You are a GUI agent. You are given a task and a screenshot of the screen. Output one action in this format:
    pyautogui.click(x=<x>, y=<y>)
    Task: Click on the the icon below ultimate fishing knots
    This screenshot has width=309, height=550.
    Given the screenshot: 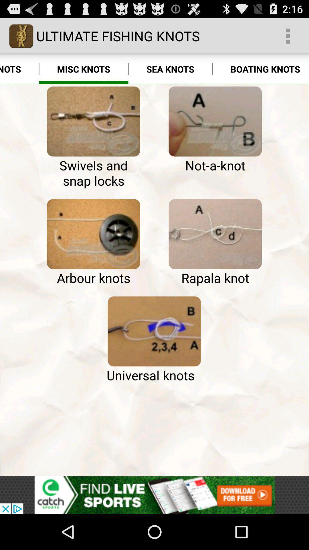 What is the action you would take?
    pyautogui.click(x=84, y=69)
    